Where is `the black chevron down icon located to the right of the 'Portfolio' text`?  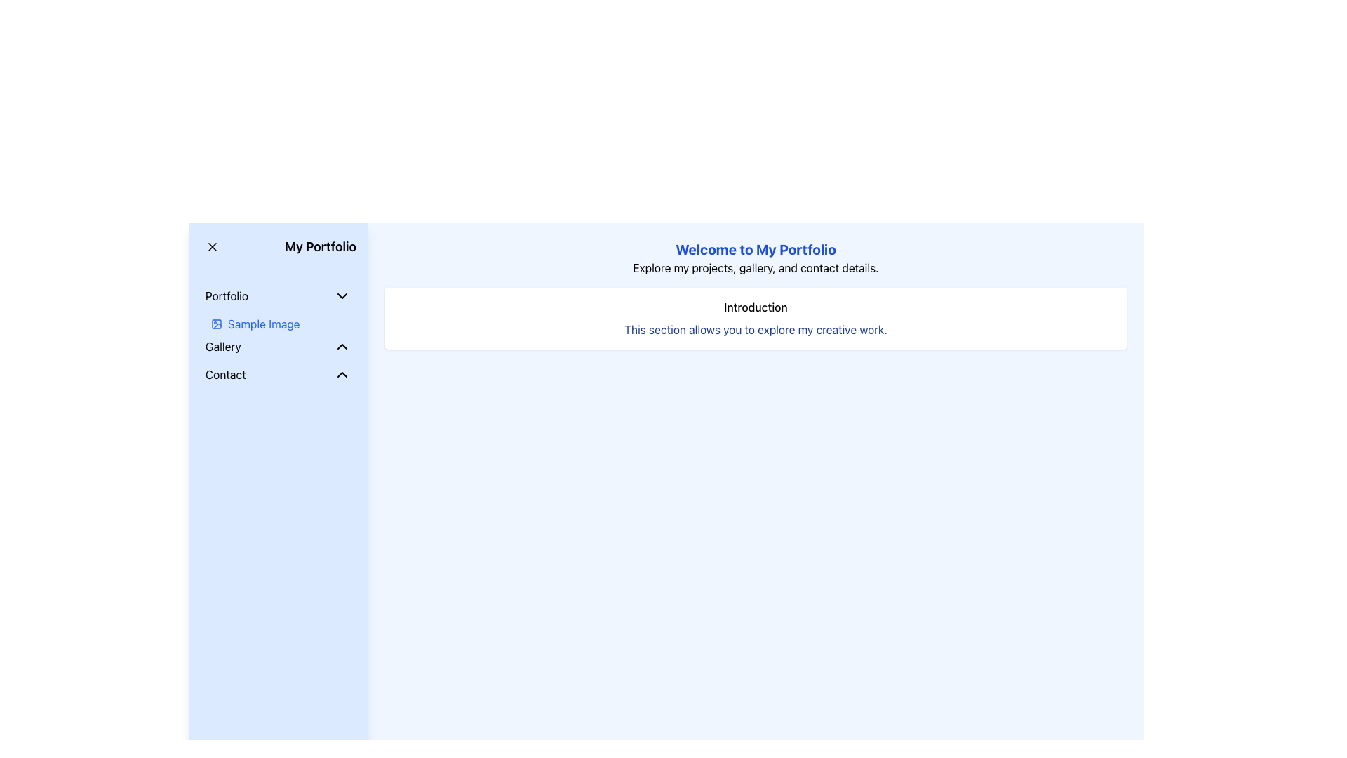
the black chevron down icon located to the right of the 'Portfolio' text is located at coordinates (342, 295).